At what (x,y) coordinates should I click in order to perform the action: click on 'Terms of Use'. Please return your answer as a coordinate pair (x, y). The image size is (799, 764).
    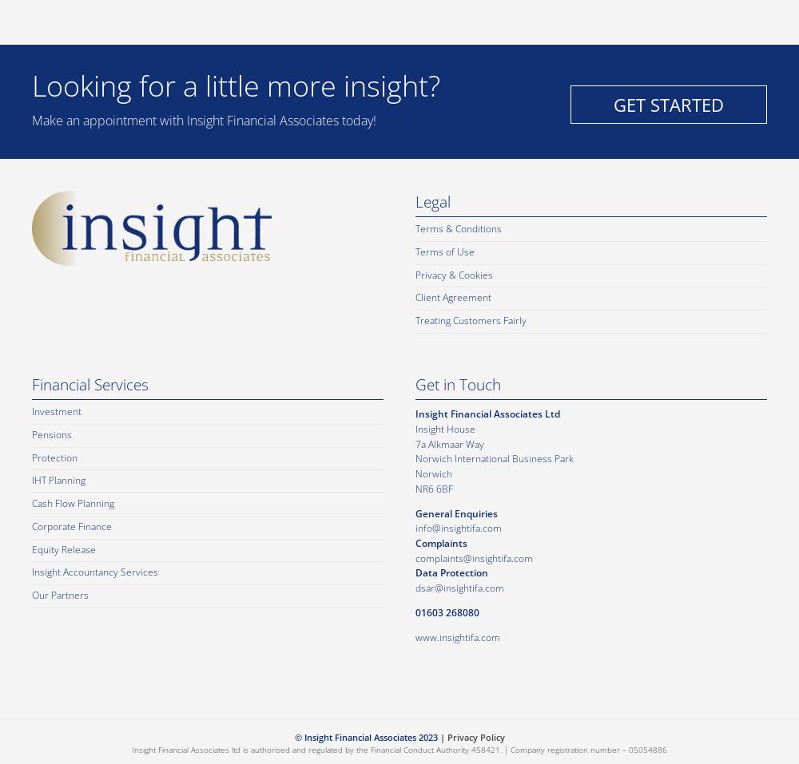
    Looking at the image, I should click on (445, 251).